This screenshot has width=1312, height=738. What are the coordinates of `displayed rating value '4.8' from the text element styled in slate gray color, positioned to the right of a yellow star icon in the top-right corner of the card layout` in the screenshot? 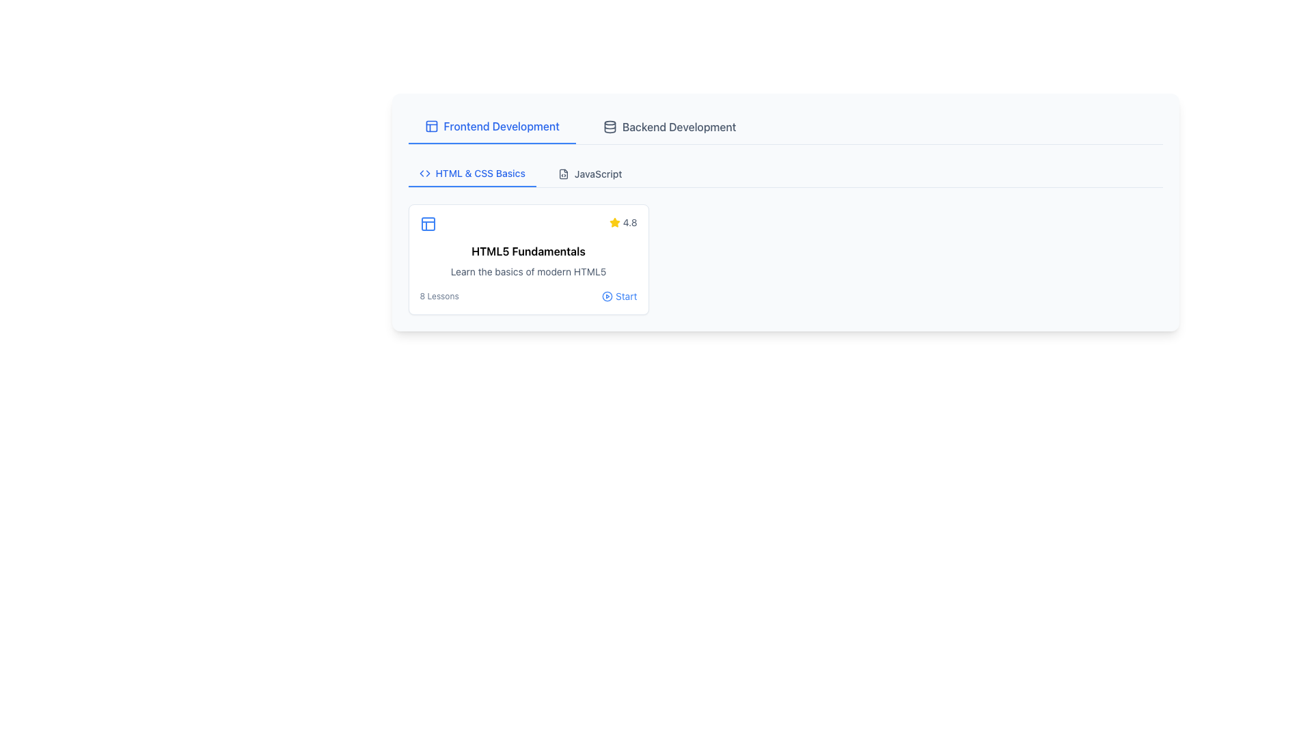 It's located at (629, 222).